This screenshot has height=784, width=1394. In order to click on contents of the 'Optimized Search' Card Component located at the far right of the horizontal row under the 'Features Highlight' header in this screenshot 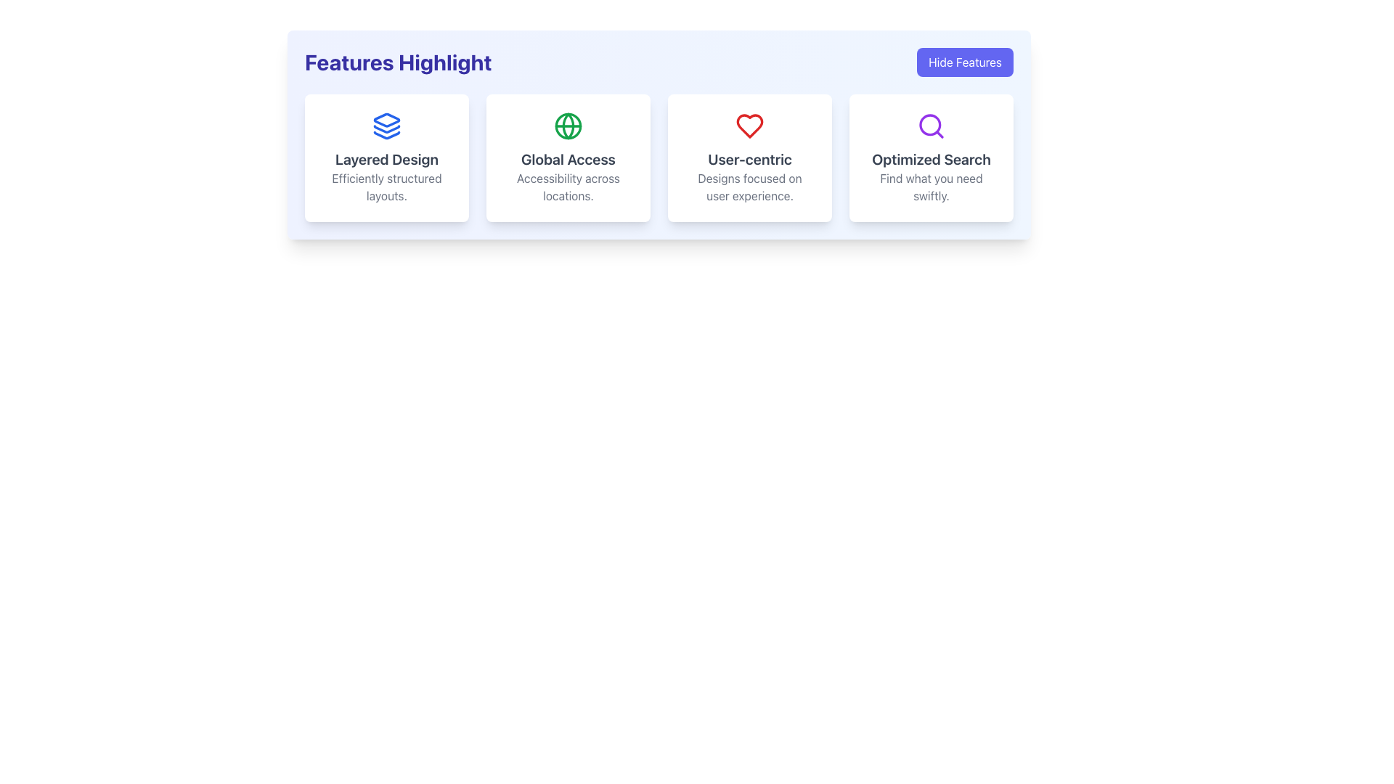, I will do `click(931, 158)`.